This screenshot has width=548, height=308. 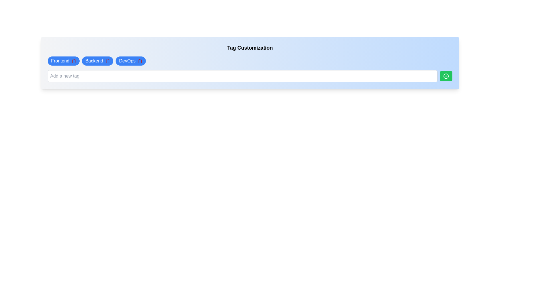 What do you see at coordinates (130, 61) in the screenshot?
I see `the 'DevOps' tagged button` at bounding box center [130, 61].